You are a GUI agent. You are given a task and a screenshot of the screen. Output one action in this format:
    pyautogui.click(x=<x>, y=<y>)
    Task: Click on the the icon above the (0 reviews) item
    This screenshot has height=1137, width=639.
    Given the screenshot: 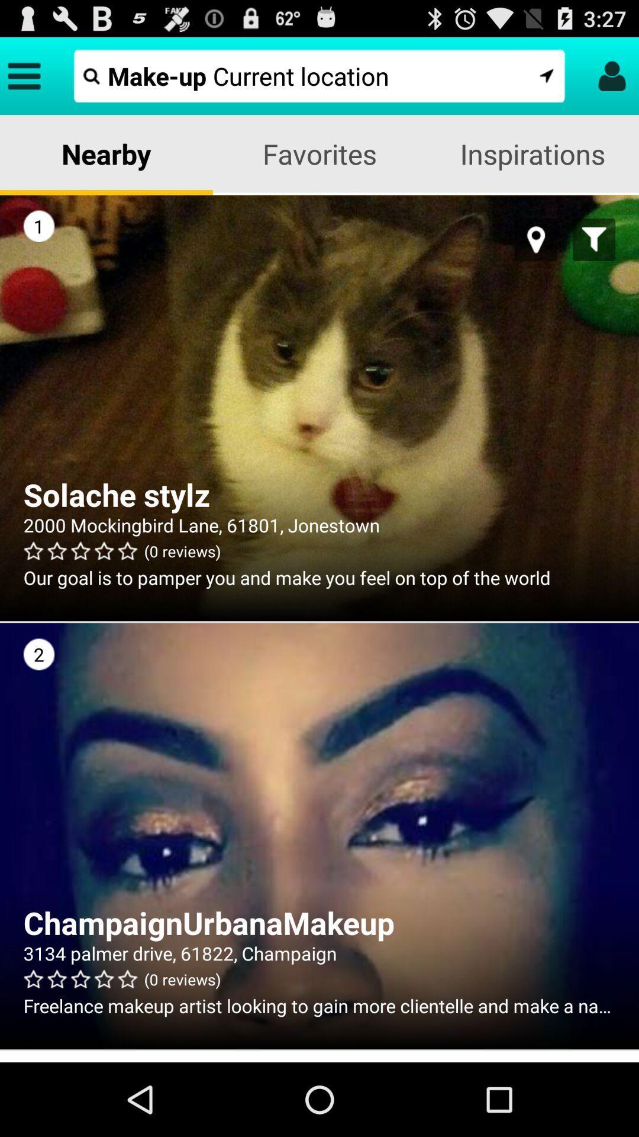 What is the action you would take?
    pyautogui.click(x=319, y=953)
    